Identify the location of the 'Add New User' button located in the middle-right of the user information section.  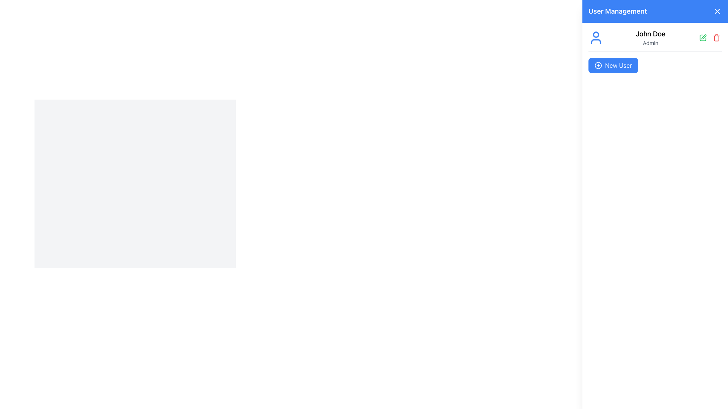
(613, 65).